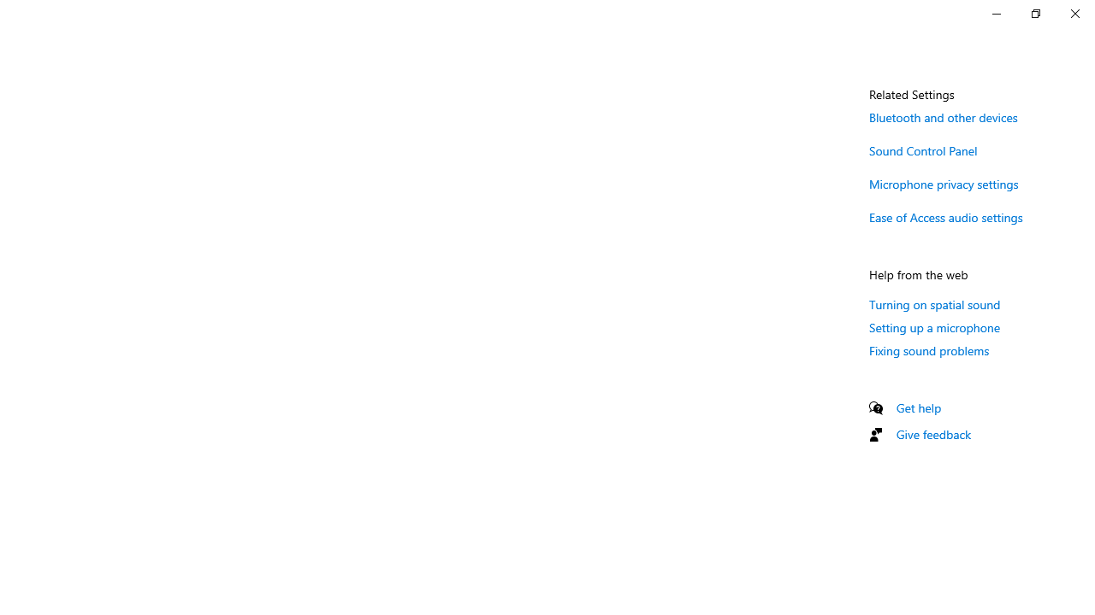  Describe the element at coordinates (932, 433) in the screenshot. I see `'Give feedback'` at that location.